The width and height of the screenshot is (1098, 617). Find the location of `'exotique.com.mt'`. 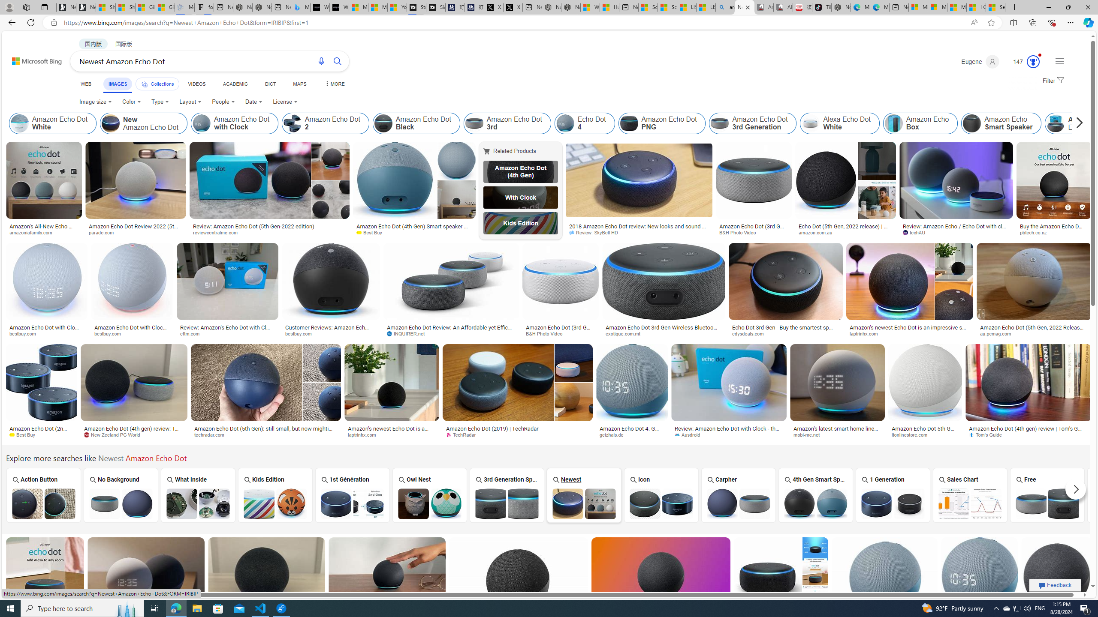

'exotique.com.mt' is located at coordinates (663, 333).